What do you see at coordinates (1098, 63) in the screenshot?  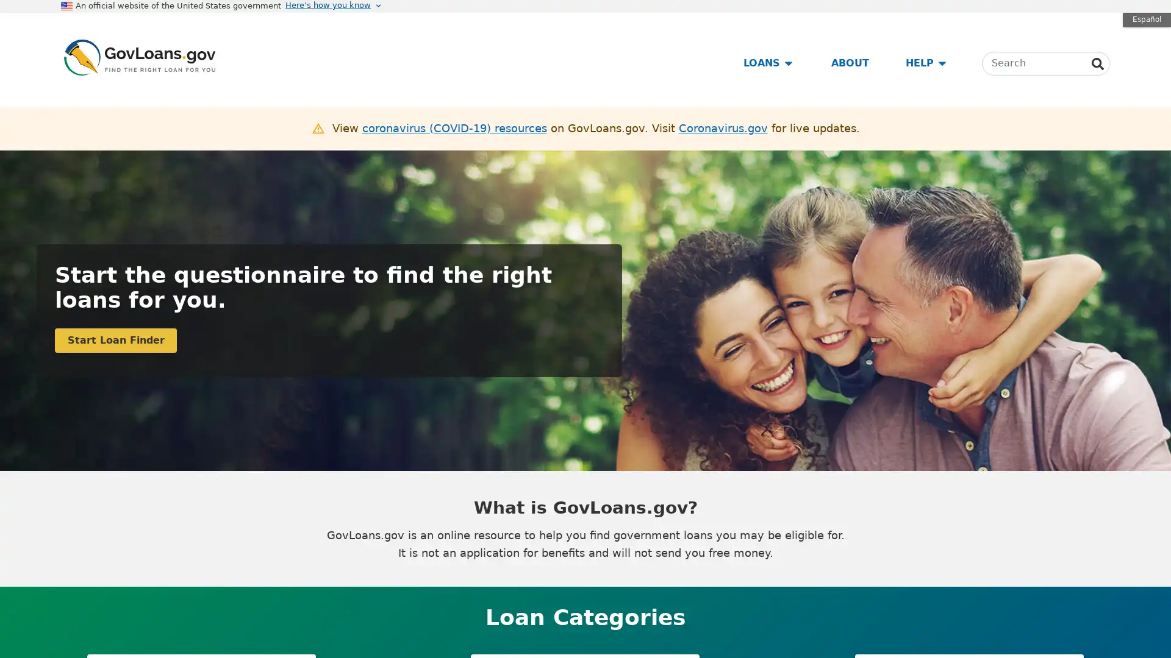 I see `Search` at bounding box center [1098, 63].